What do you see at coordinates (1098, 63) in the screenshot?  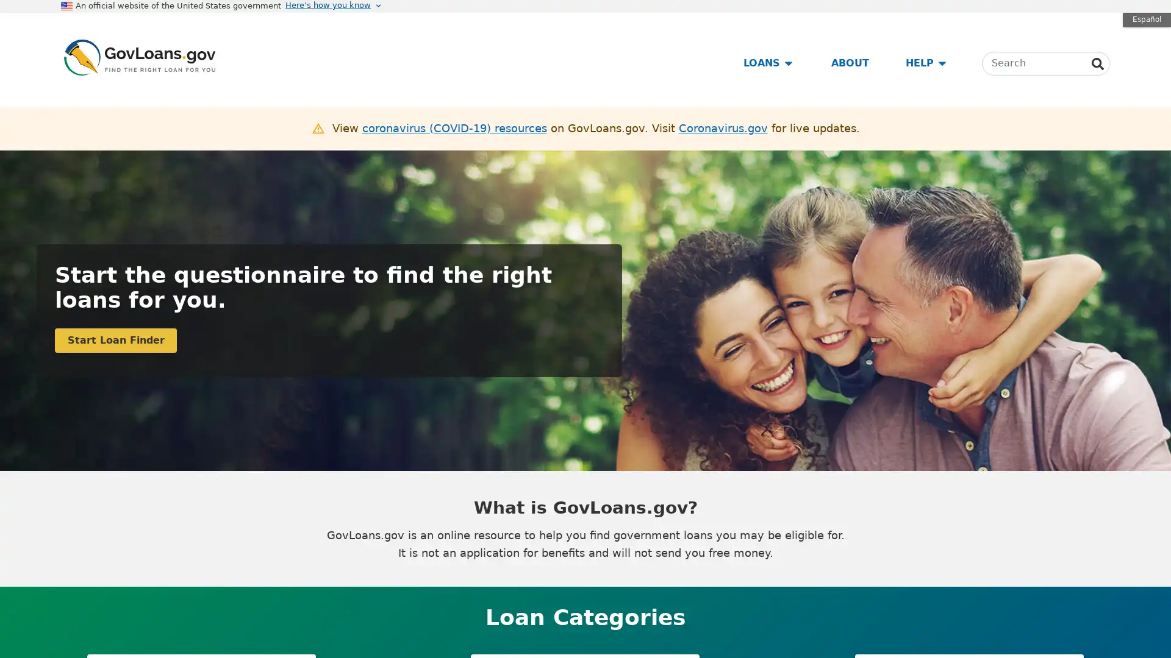 I see `Search` at bounding box center [1098, 63].